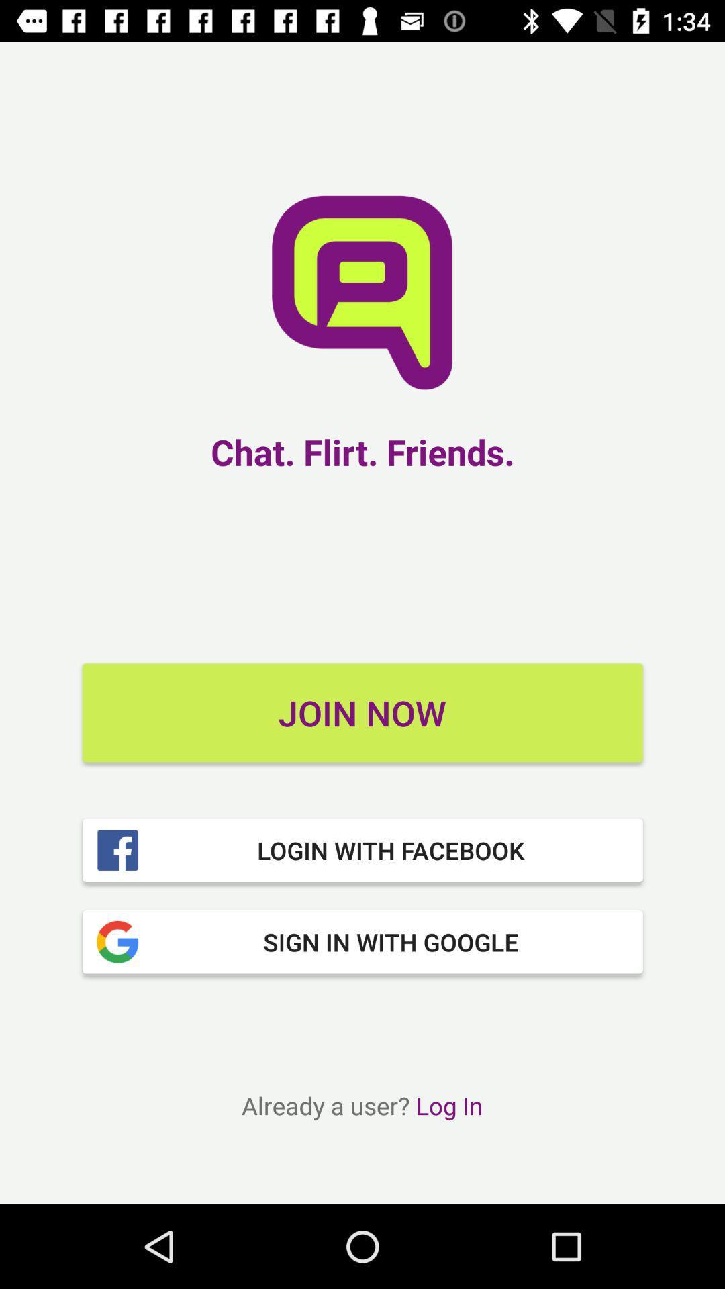  I want to click on the join now item, so click(362, 712).